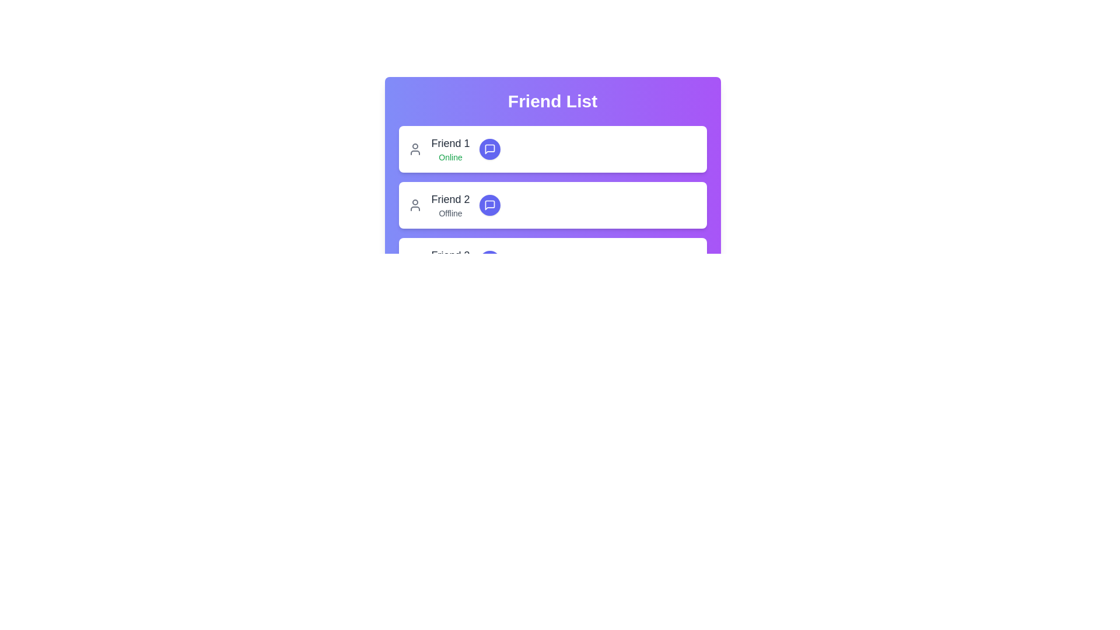  What do you see at coordinates (450, 148) in the screenshot?
I see `the 'Friend 1' text label indicating online status` at bounding box center [450, 148].